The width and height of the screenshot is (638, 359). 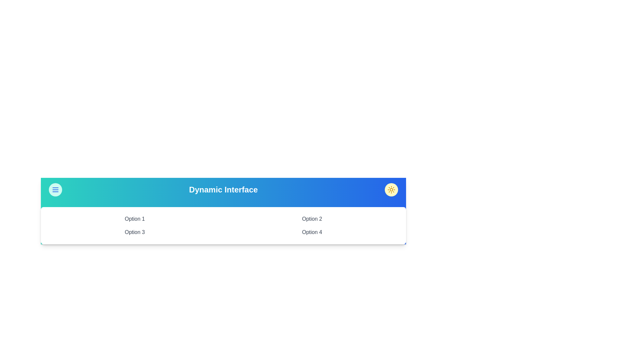 What do you see at coordinates (391, 189) in the screenshot?
I see `theme toggle button to change the theme` at bounding box center [391, 189].